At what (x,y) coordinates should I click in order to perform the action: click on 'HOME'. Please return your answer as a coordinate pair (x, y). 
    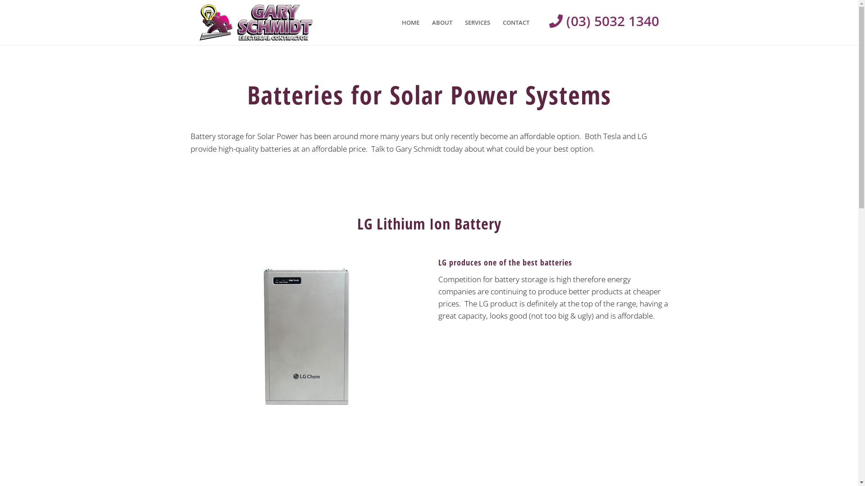
    Looking at the image, I should click on (396, 22).